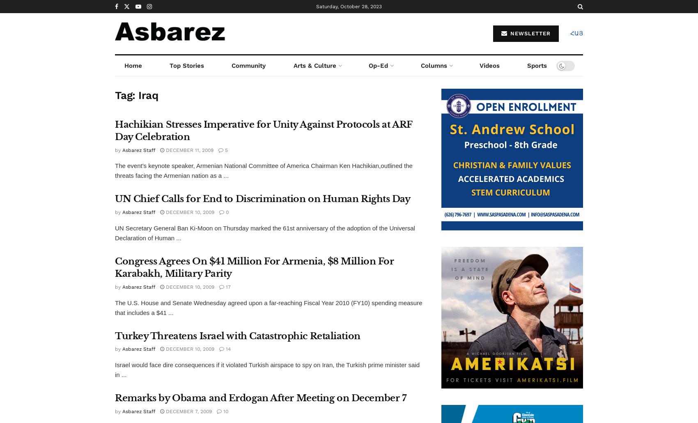 This screenshot has height=423, width=698. What do you see at coordinates (126, 95) in the screenshot?
I see `'Tag:'` at bounding box center [126, 95].